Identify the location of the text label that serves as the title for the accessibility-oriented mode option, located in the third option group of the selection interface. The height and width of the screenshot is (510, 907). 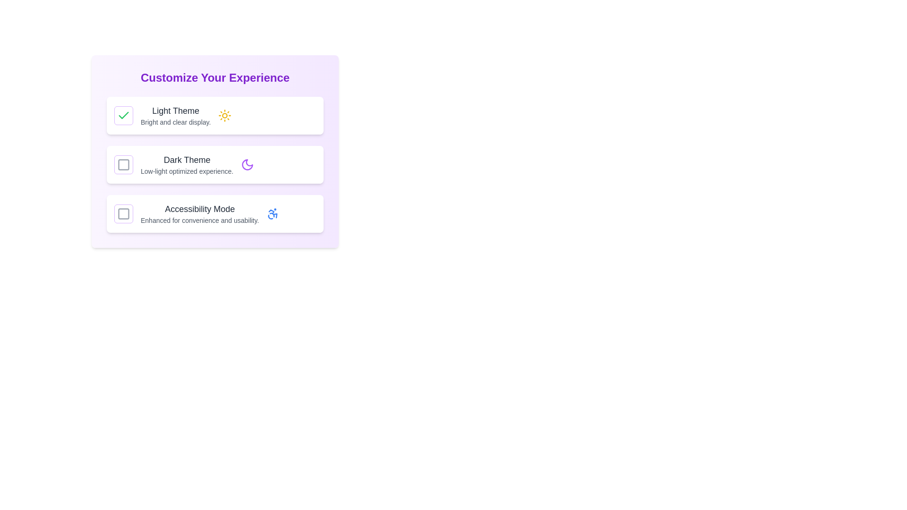
(199, 209).